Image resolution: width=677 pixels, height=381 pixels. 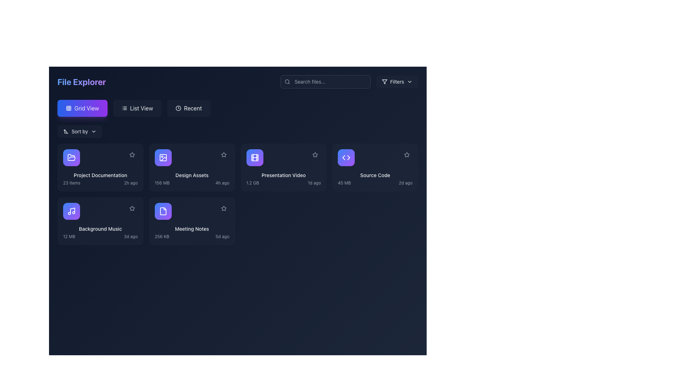 What do you see at coordinates (222, 237) in the screenshot?
I see `the static text label displaying the timestamp for the file 'Meeting Notes', located in the lower-right corner of its card` at bounding box center [222, 237].